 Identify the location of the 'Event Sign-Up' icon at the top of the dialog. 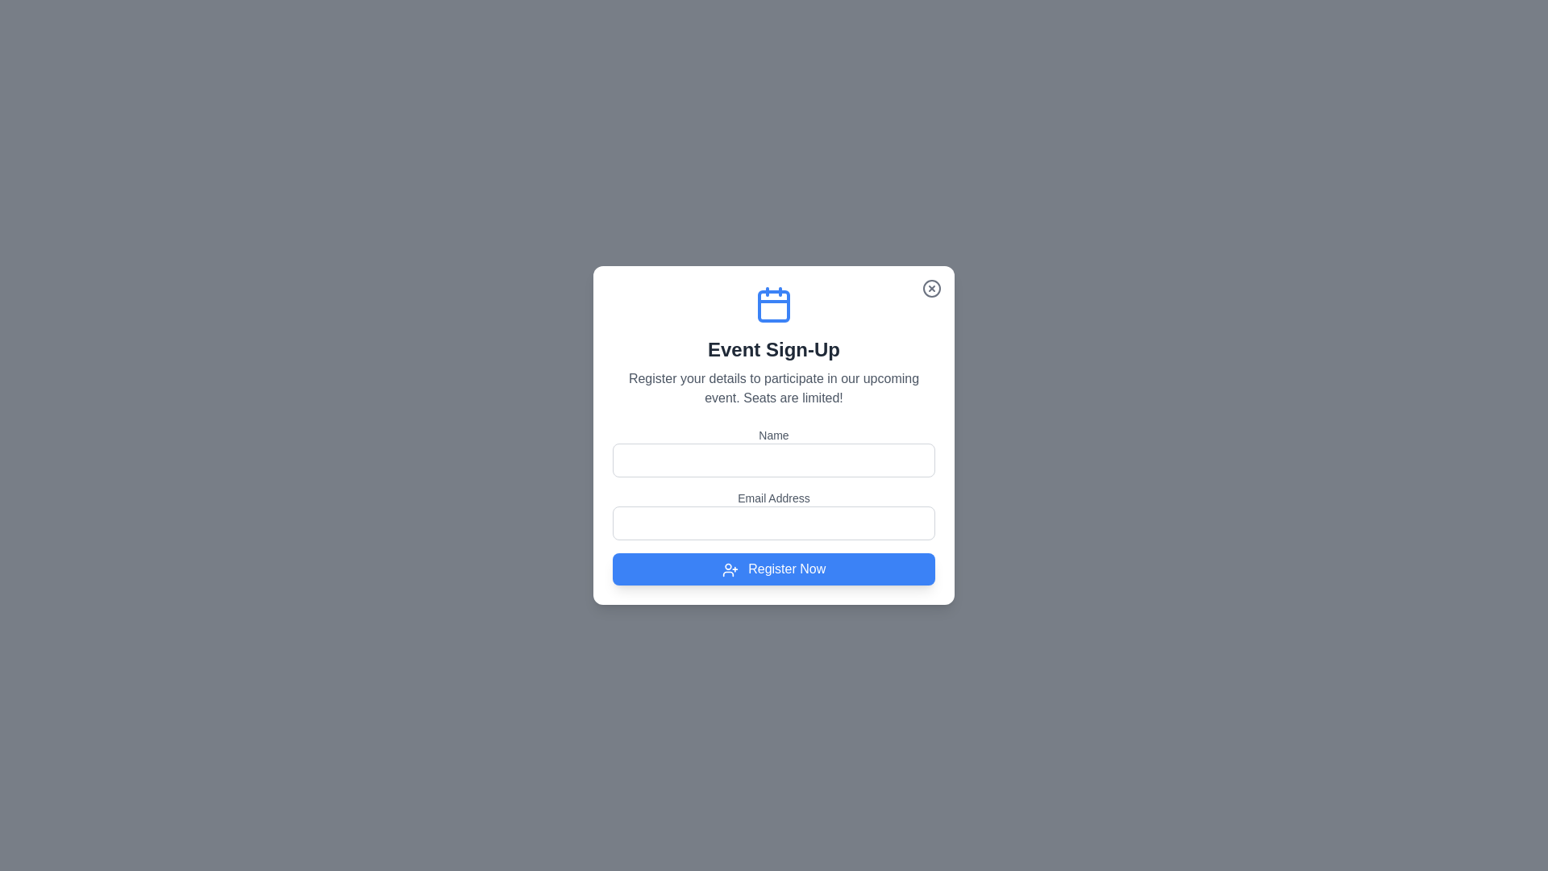
(774, 305).